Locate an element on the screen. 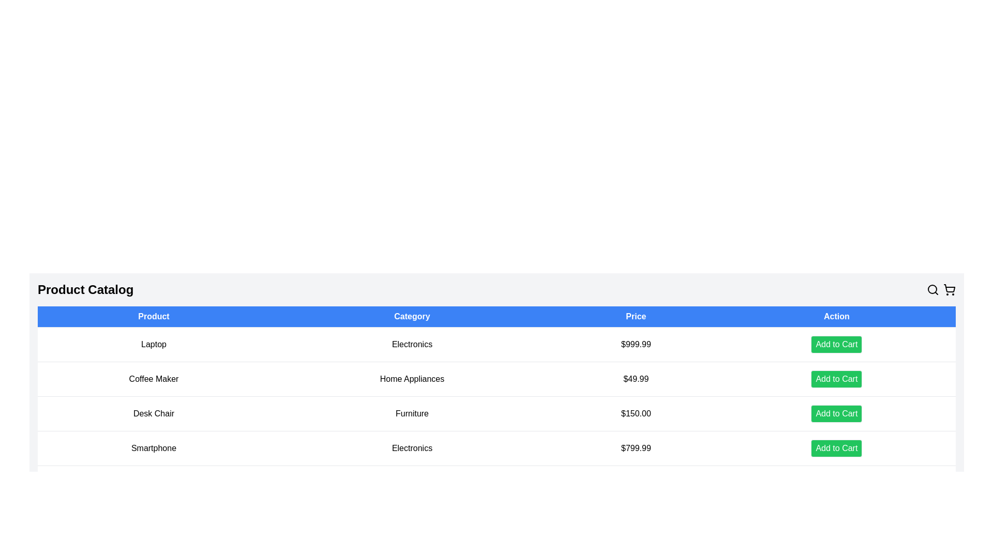 This screenshot has width=993, height=558. the 'Coffee Maker' label in the product catalog table, which is located in the second row under the 'Product' column is located at coordinates (153, 379).